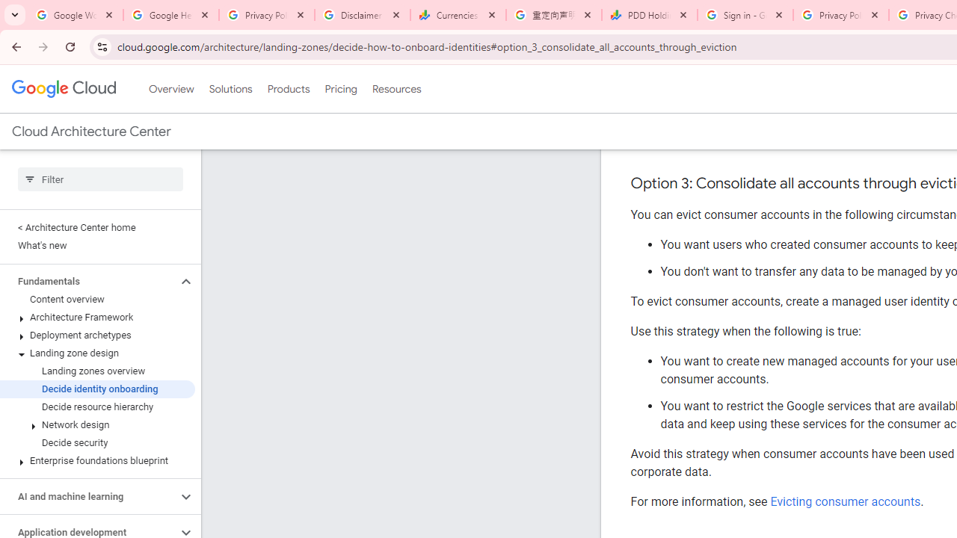 The height and width of the screenshot is (538, 957). Describe the element at coordinates (96, 371) in the screenshot. I see `'Landing zones overview'` at that location.